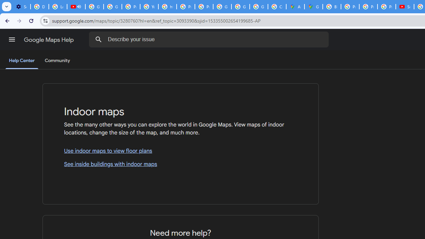  I want to click on 'Settings - Customize profile', so click(21, 7).